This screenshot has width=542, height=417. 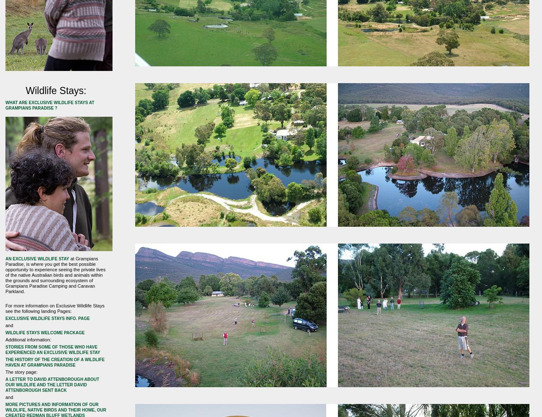 I want to click on 'Exclusive Wildlife Stays Info. page', so click(x=47, y=318).